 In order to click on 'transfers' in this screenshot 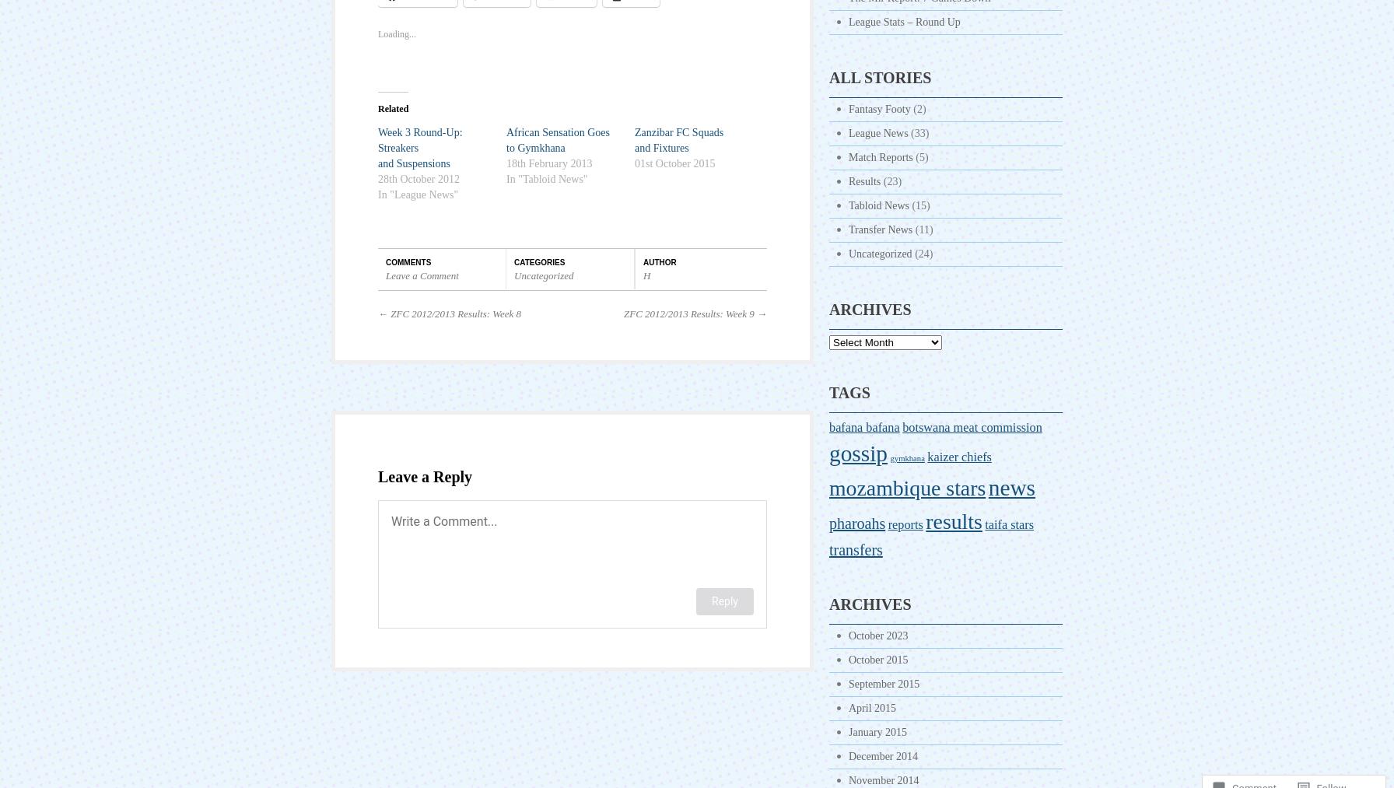, I will do `click(855, 548)`.